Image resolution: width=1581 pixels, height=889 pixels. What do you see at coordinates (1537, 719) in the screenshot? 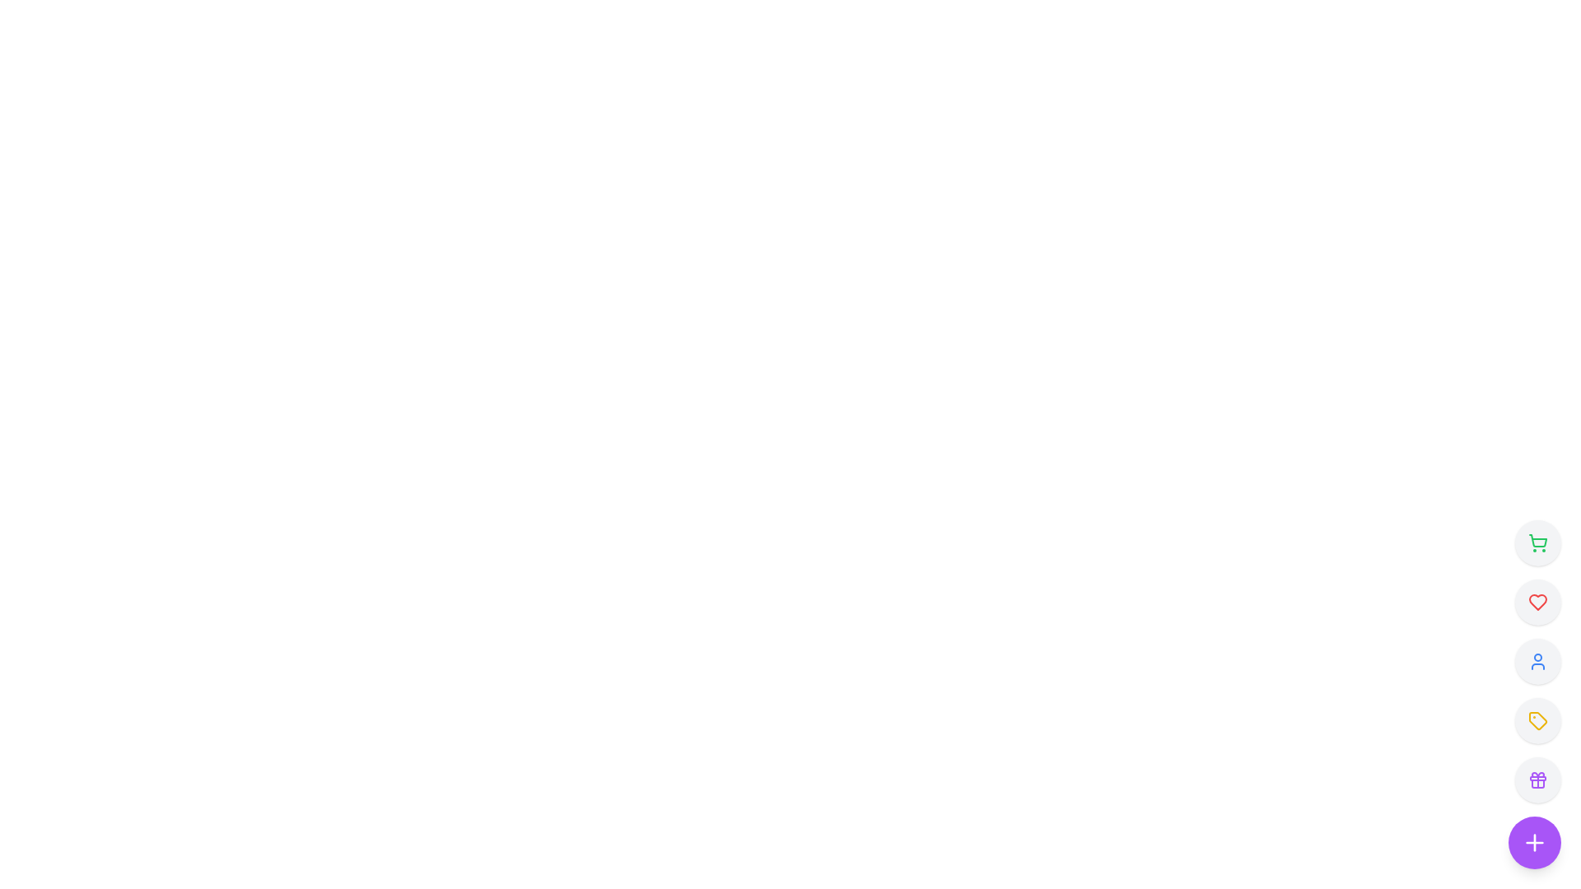
I see `the yellow tag icon located fourth in the vertical list of icons on the right side of the interface` at bounding box center [1537, 719].